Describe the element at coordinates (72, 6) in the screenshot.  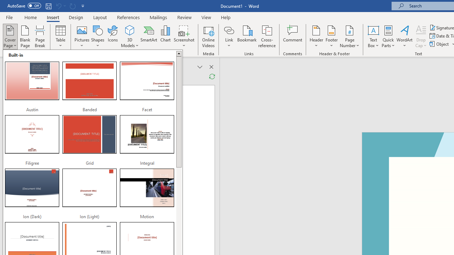
I see `'Can'` at that location.